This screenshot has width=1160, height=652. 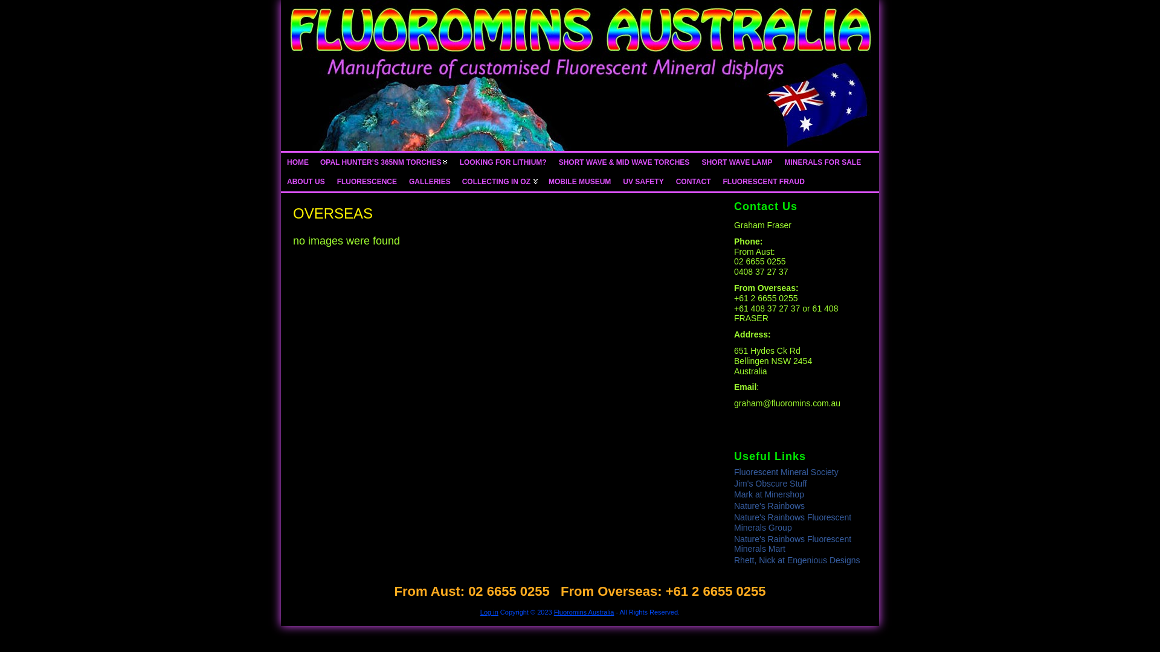 I want to click on 'COLLECTING IN OZ', so click(x=499, y=181).